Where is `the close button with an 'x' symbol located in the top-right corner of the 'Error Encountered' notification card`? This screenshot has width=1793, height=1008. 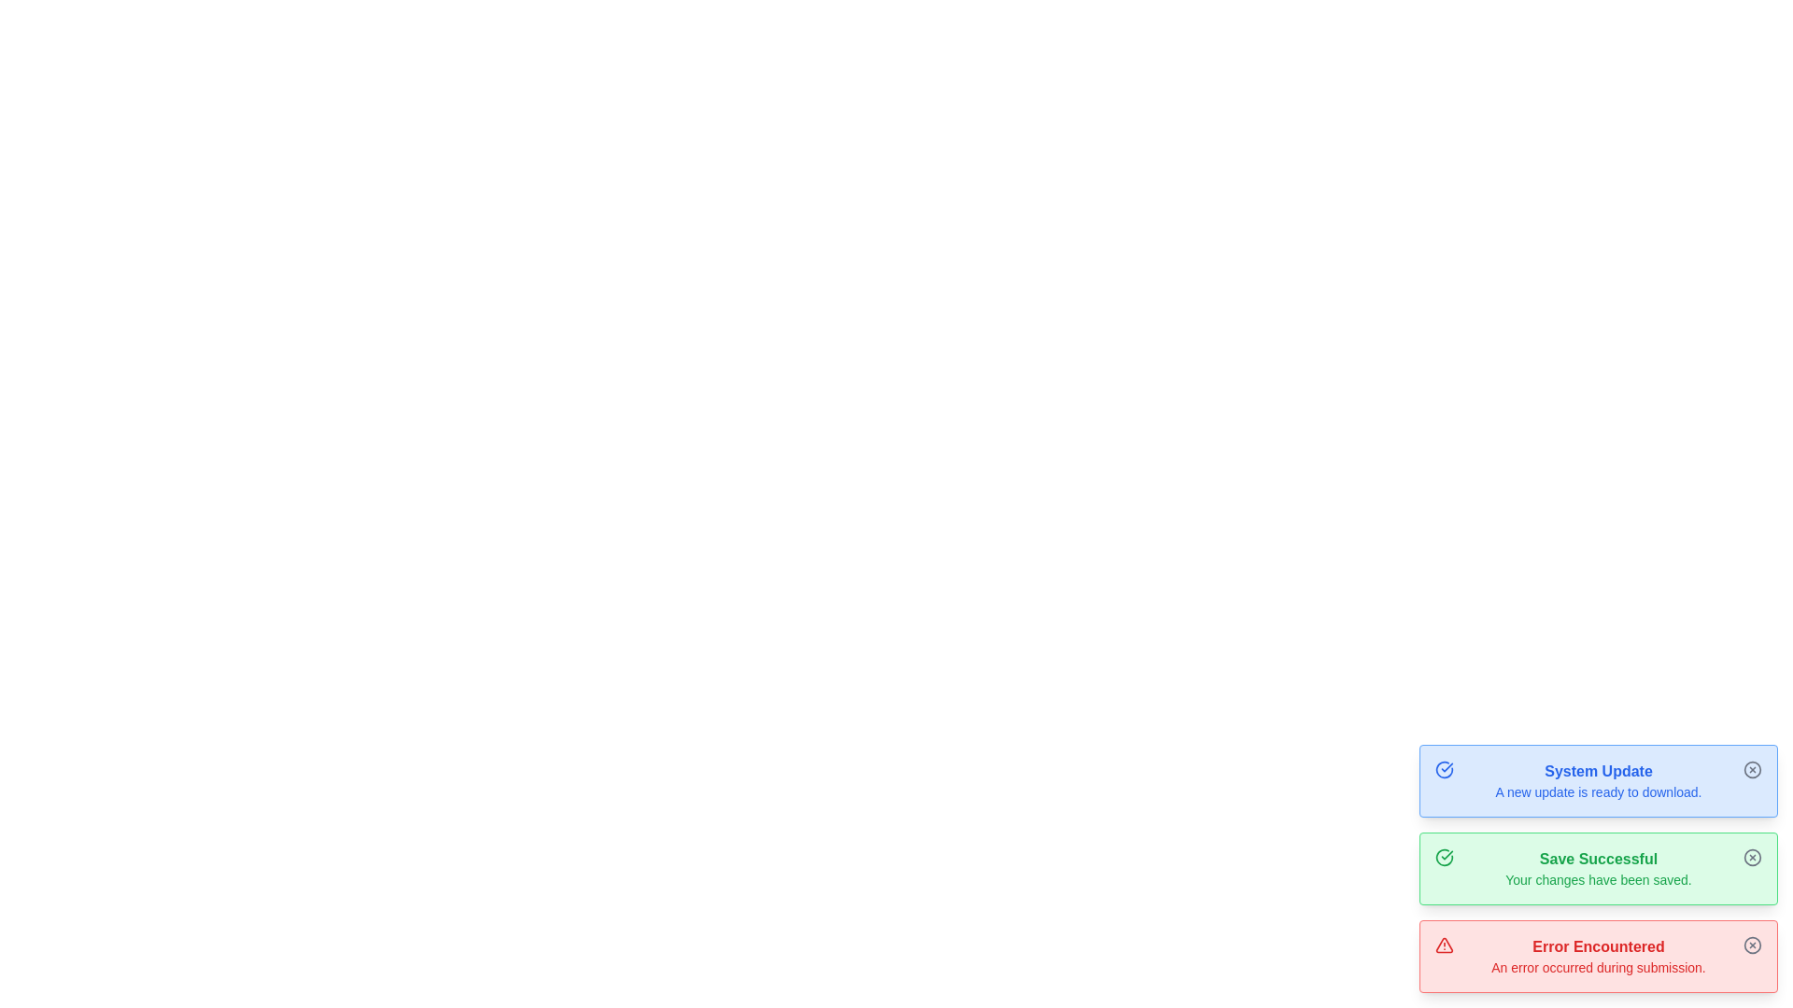 the close button with an 'x' symbol located in the top-right corner of the 'Error Encountered' notification card is located at coordinates (1751, 945).